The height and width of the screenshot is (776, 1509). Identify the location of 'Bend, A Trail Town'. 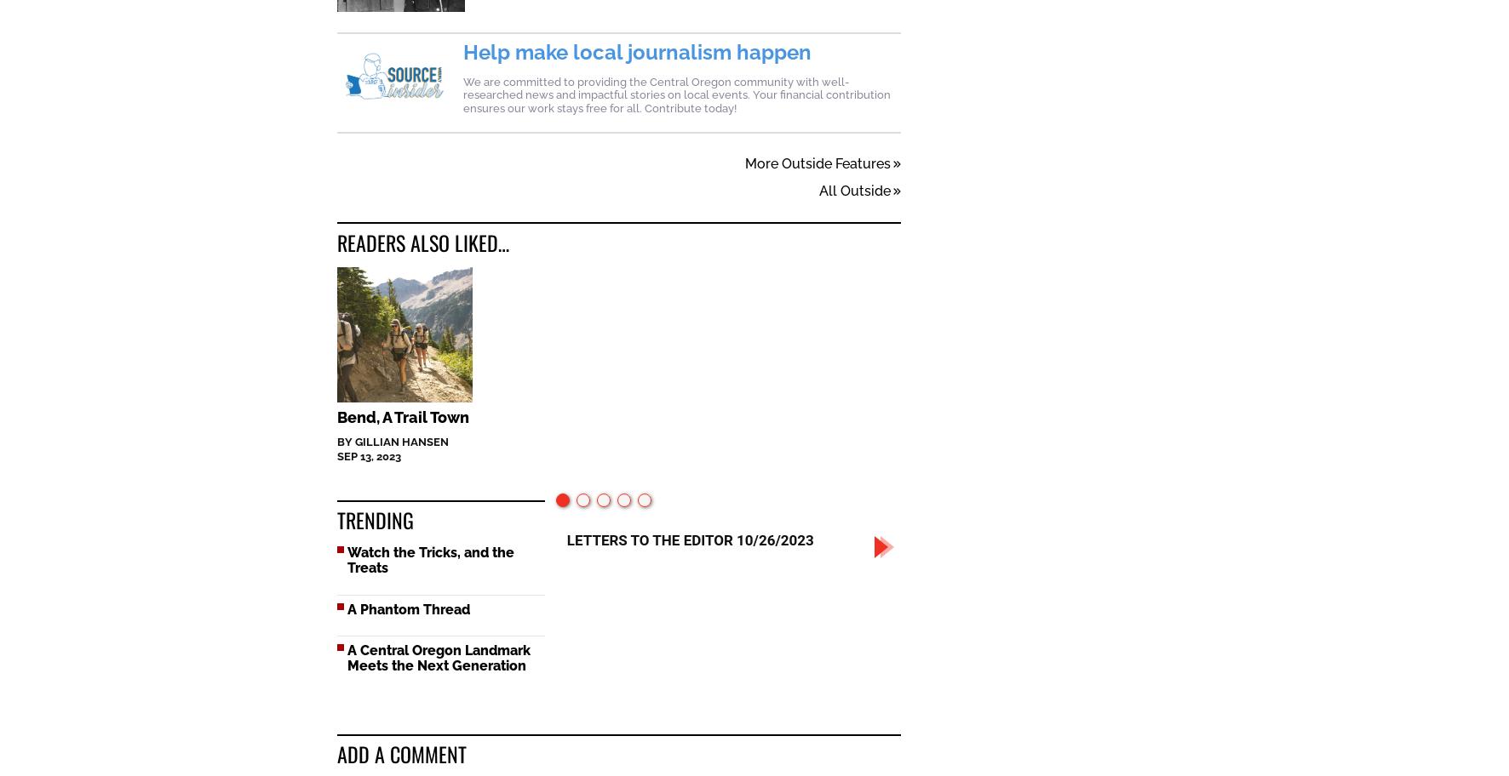
(402, 418).